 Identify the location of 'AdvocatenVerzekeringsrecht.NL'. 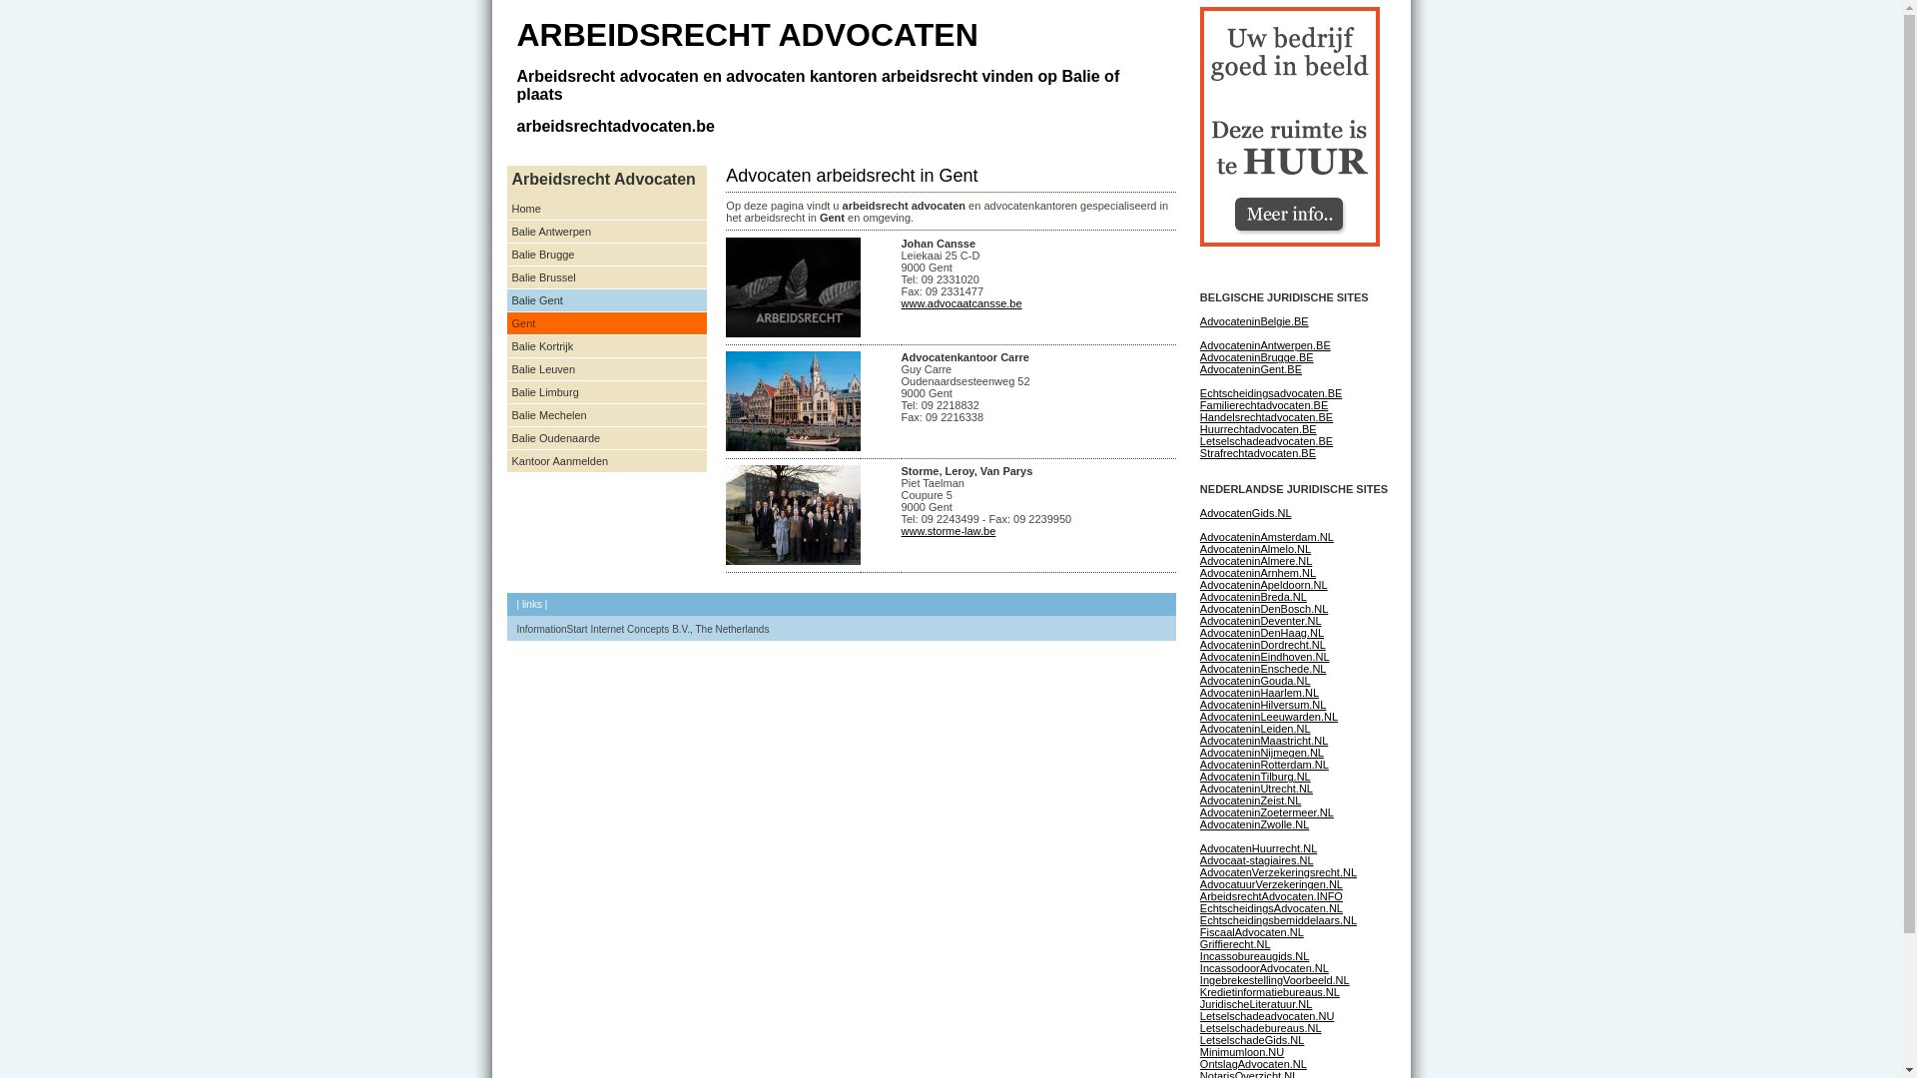
(1278, 871).